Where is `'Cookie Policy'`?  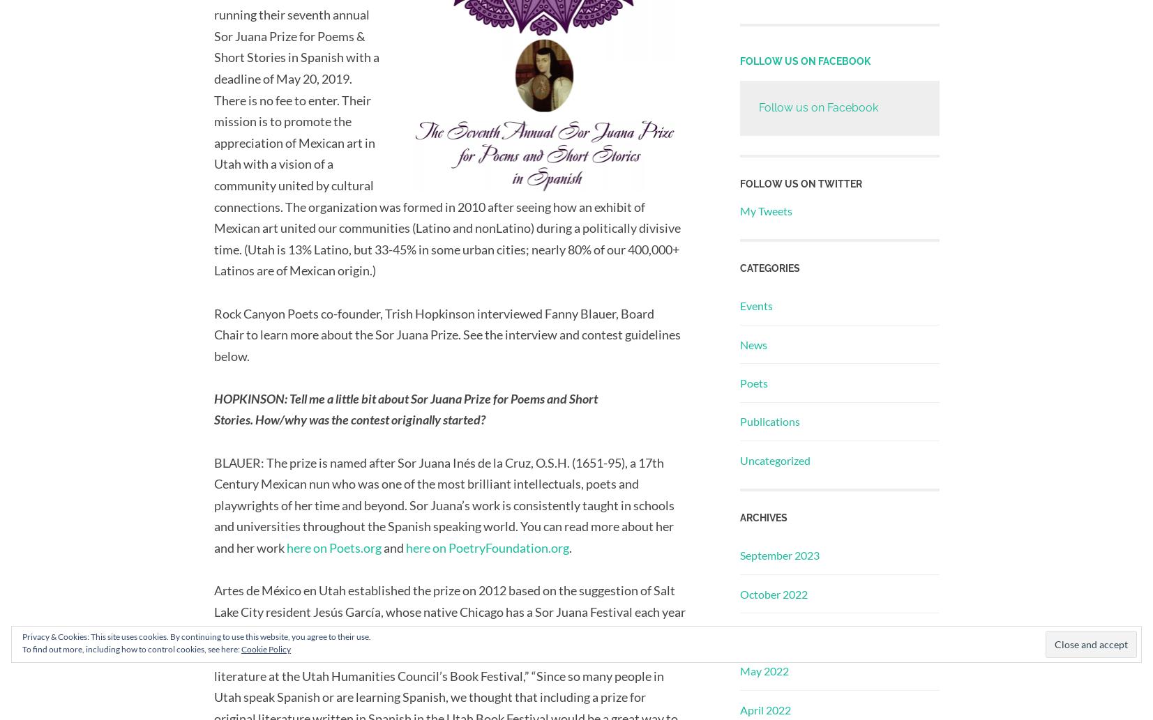 'Cookie Policy' is located at coordinates (265, 648).